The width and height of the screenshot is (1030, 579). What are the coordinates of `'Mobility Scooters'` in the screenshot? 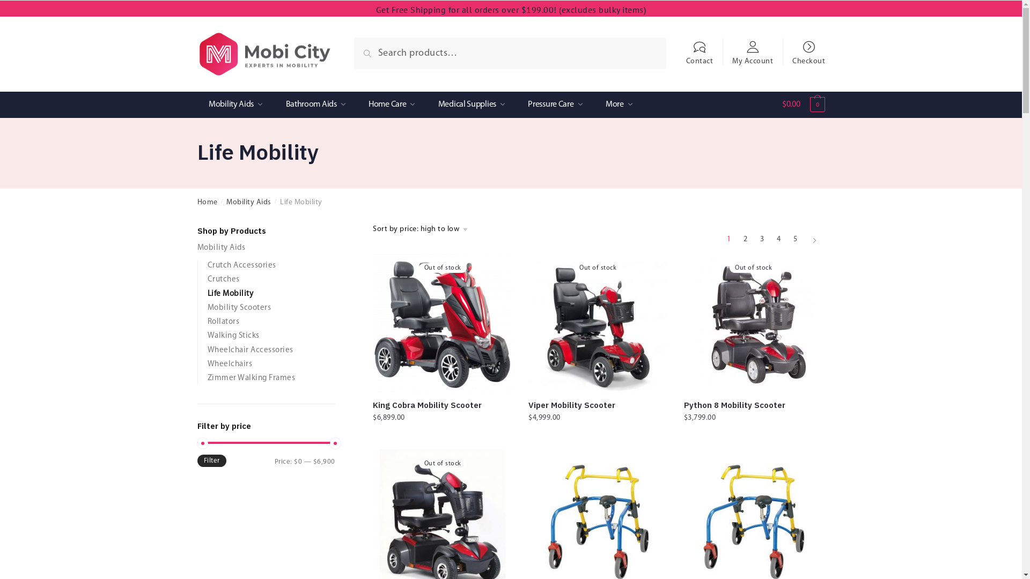 It's located at (207, 308).